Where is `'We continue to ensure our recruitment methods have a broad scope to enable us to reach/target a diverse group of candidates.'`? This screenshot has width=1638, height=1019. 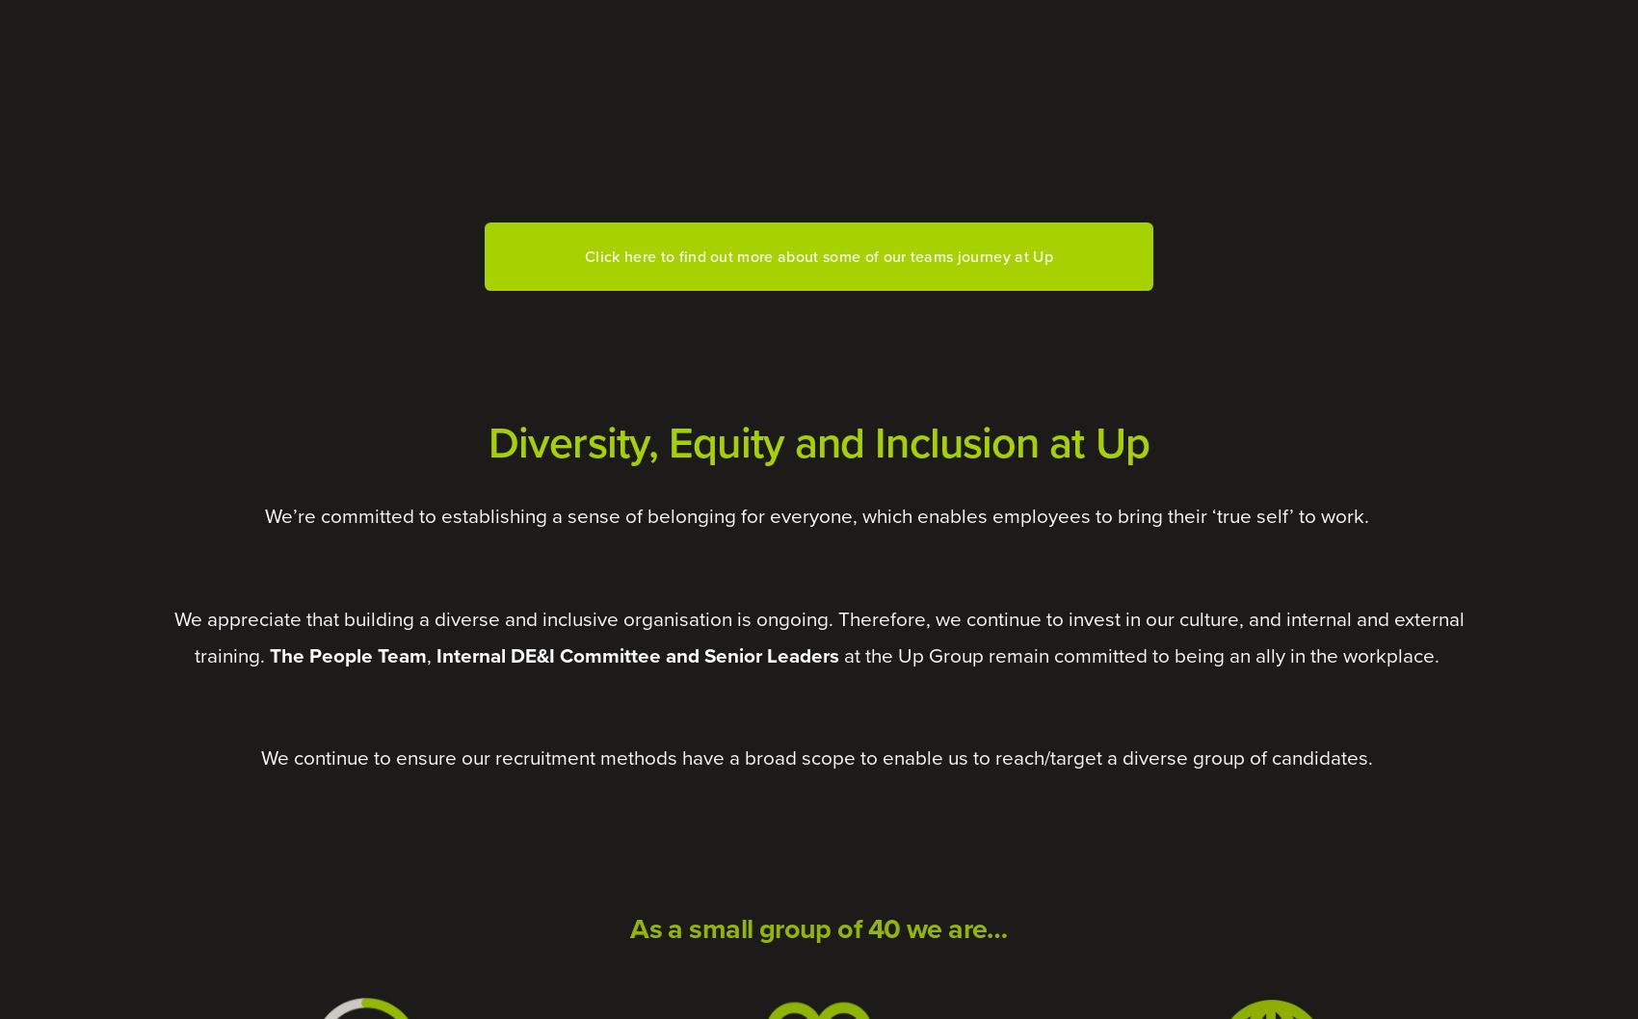 'We continue to ensure our recruitment methods have a broad scope to enable us to reach/target a diverse group of candidates.' is located at coordinates (259, 758).